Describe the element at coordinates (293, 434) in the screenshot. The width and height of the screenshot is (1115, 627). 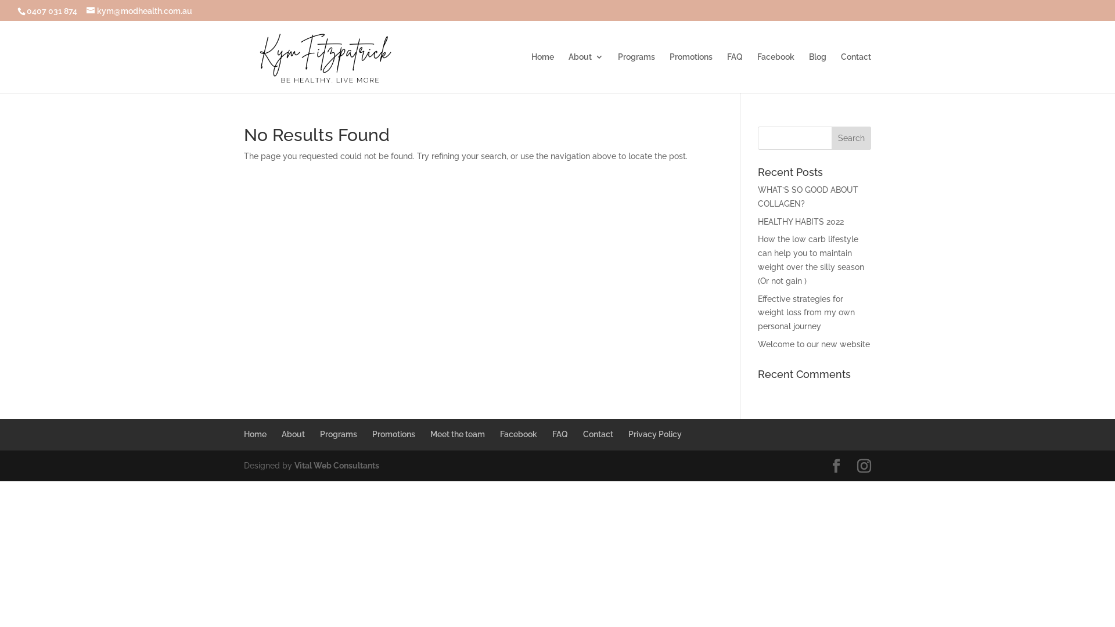
I see `'About'` at that location.